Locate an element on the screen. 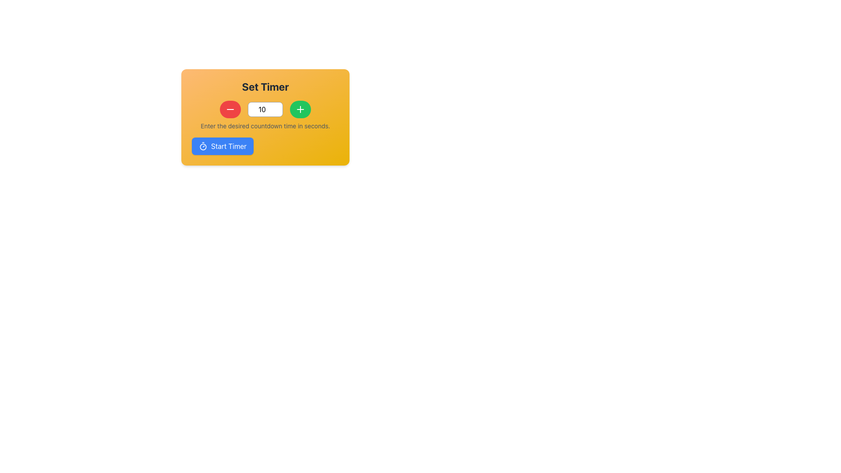  the button that decreases the value in the adjacent numeric input field, located to the left of the numeric input box in the middle of the row is located at coordinates (230, 109).